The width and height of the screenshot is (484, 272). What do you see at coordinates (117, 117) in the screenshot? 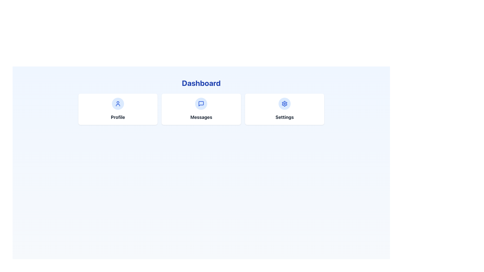
I see `the text label displaying the word 'Profile' in bold, dark gray font, which is positioned beneath a circular blue icon on the leftmost card of three similar cards` at bounding box center [117, 117].